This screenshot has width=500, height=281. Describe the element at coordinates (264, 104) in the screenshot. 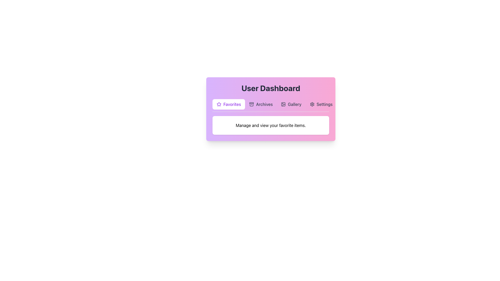

I see `the 'Archives' text label in the navigation bar located under 'User Dashboard', positioned to the right of 'Favorites' and before 'Gallery'` at that location.